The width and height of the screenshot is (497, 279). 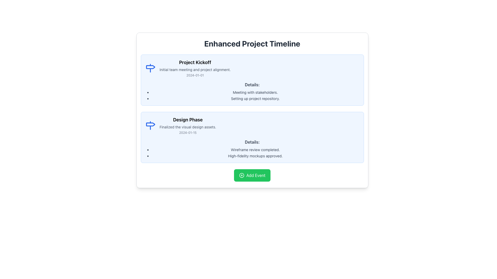 I want to click on information presented in the informational text block about the project milestone located under 'Enhanced Project Timeline', so click(x=195, y=68).